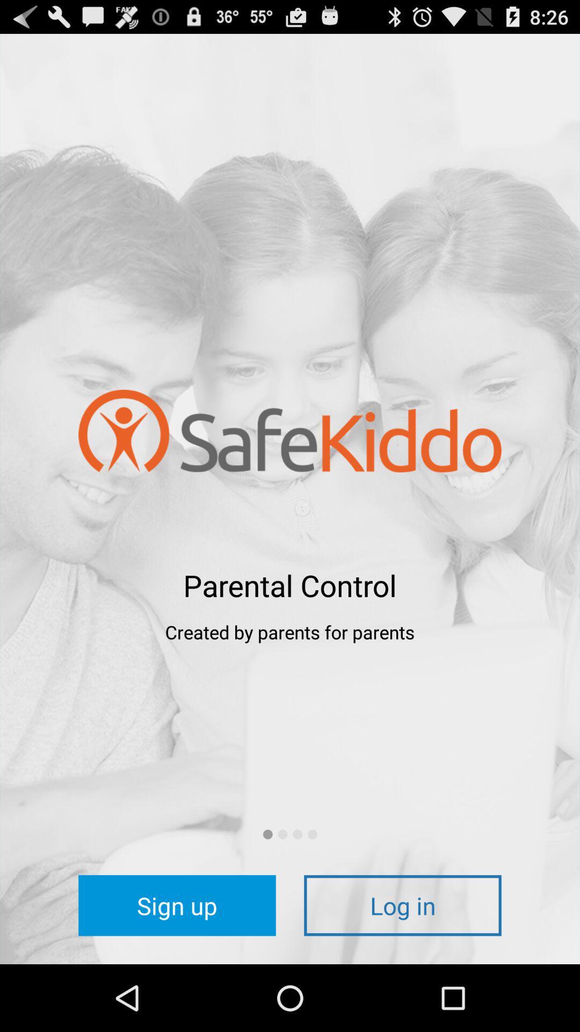 This screenshot has height=1032, width=580. Describe the element at coordinates (402, 905) in the screenshot. I see `the item at the bottom right corner` at that location.